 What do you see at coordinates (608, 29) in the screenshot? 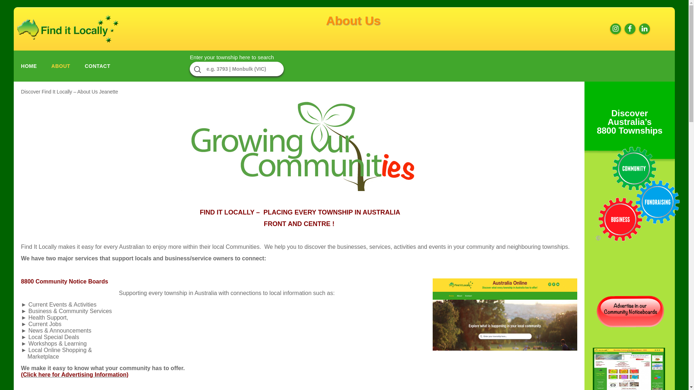
I see `'Instagram'` at bounding box center [608, 29].